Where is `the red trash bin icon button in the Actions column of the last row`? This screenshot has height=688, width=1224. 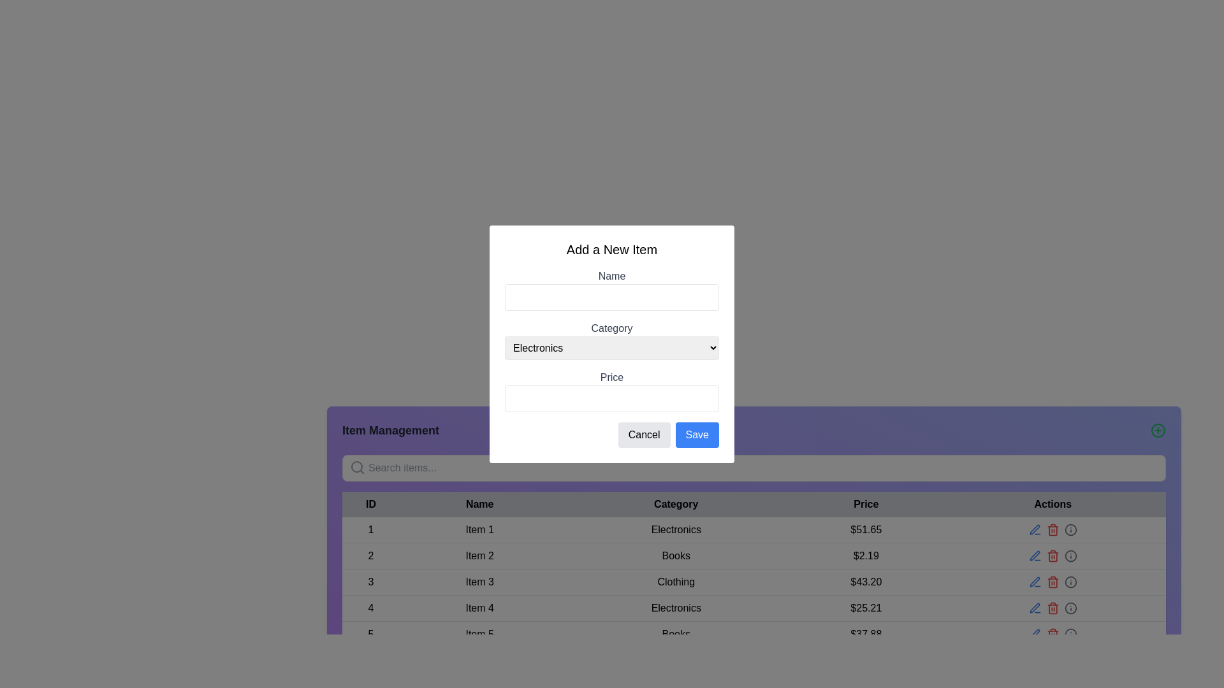
the red trash bin icon button in the Actions column of the last row is located at coordinates (1053, 634).